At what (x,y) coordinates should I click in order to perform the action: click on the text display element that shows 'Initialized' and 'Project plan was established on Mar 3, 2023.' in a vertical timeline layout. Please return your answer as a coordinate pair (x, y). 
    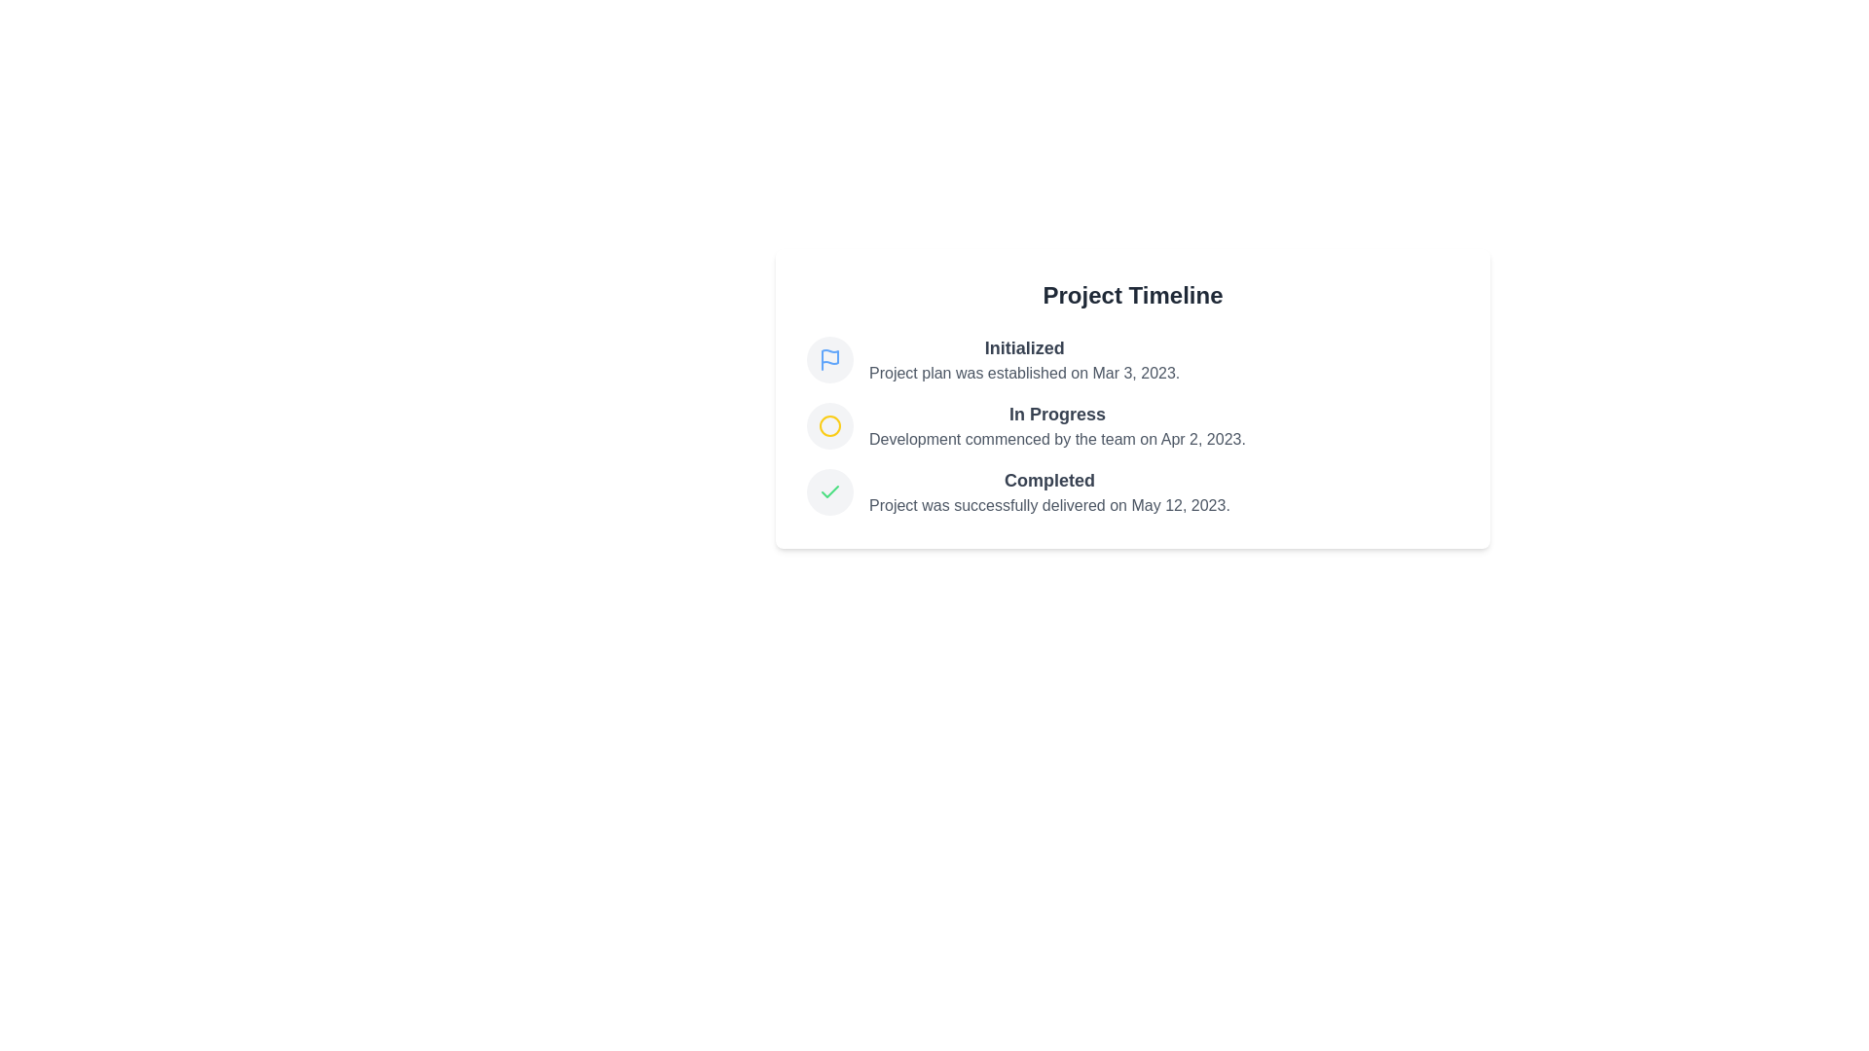
    Looking at the image, I should click on (1023, 360).